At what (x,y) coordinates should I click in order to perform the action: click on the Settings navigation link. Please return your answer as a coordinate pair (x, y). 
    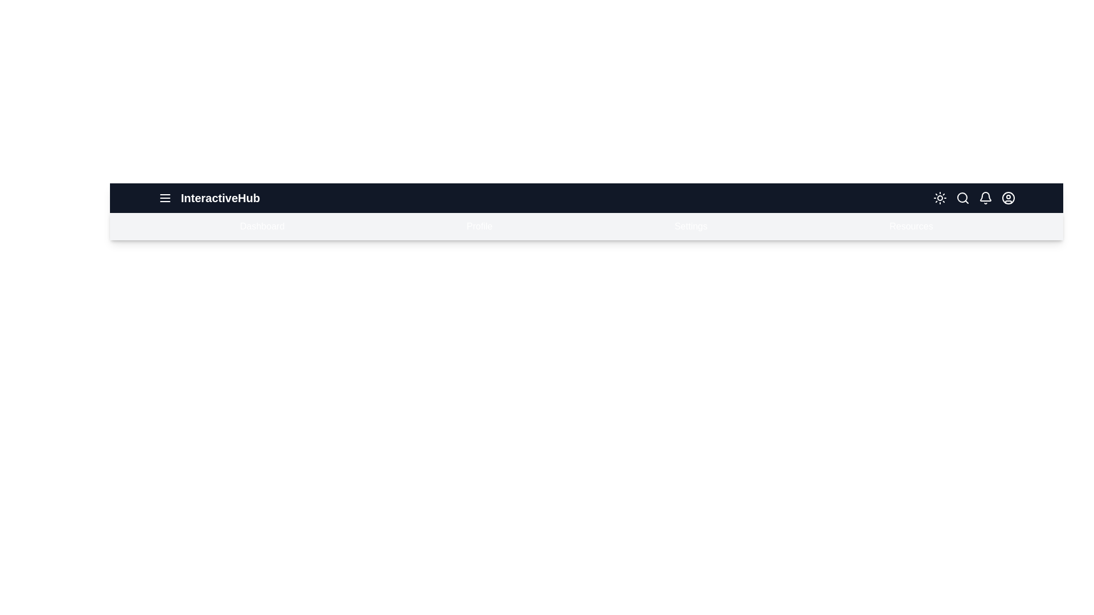
    Looking at the image, I should click on (689, 226).